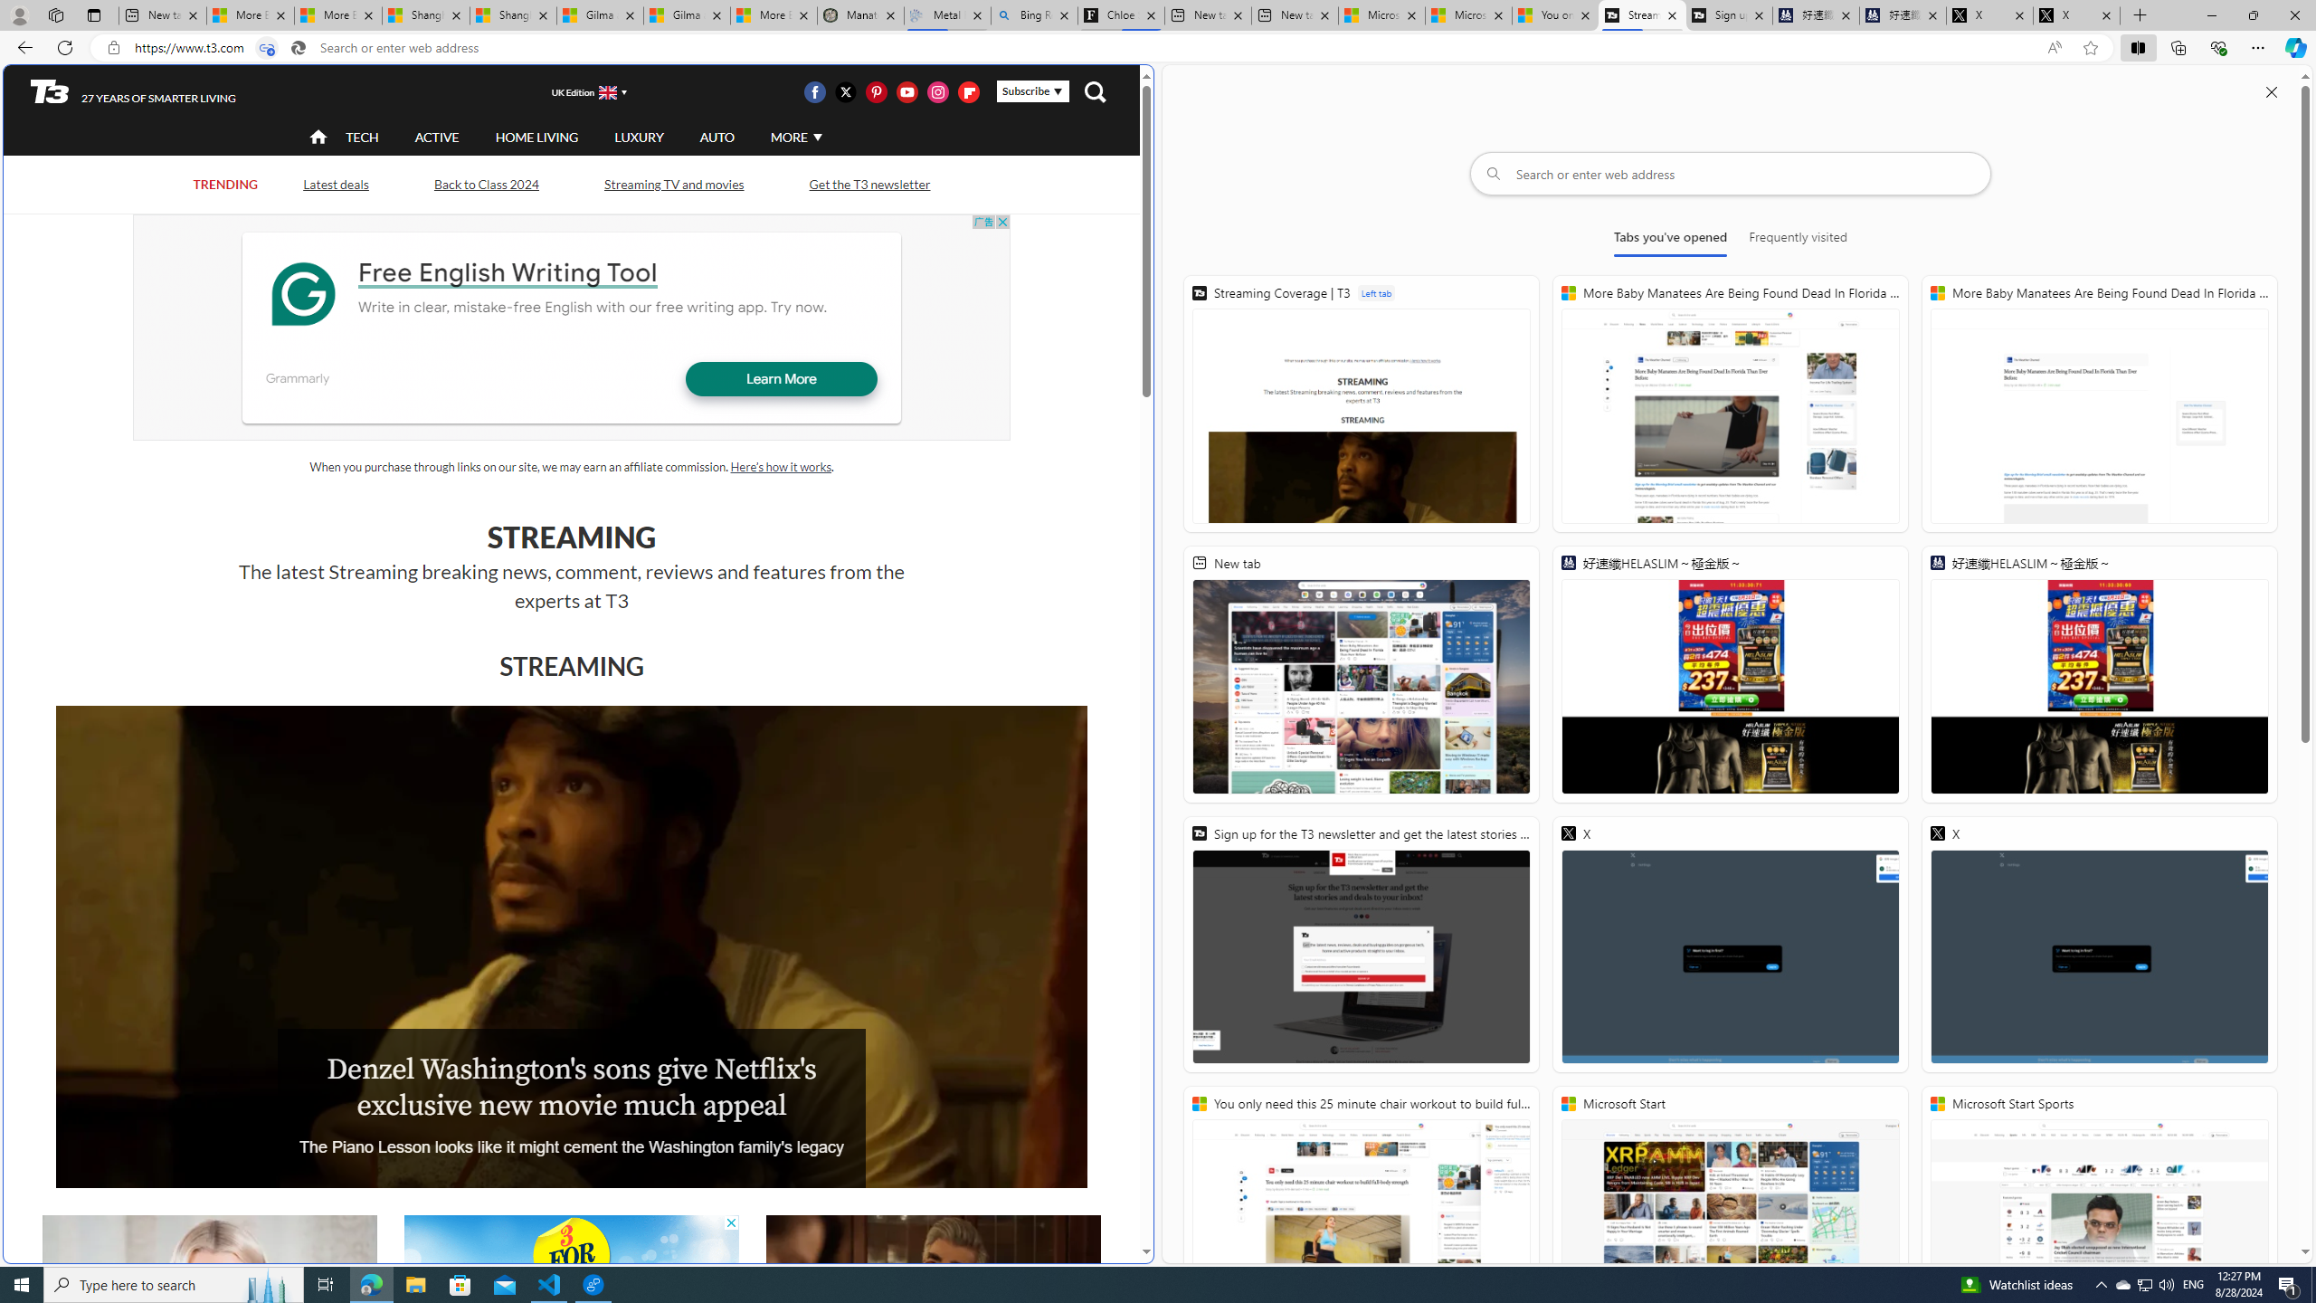 Image resolution: width=2316 pixels, height=1303 pixels. I want to click on 'Chloe Sorvino', so click(1121, 14).